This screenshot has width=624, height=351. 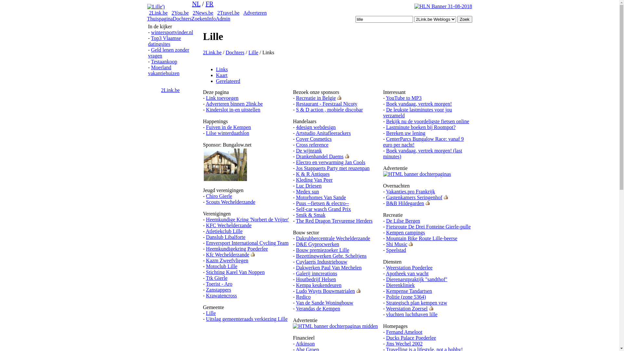 I want to click on 'Heemkundigekring Poederlee', so click(x=205, y=249).